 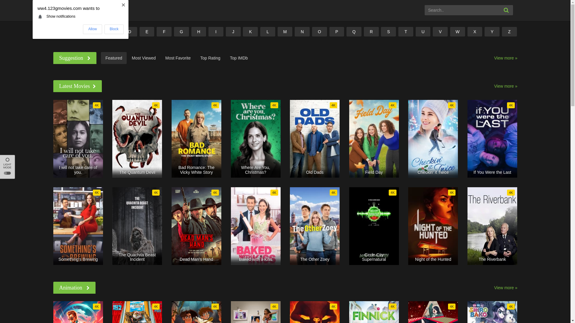 What do you see at coordinates (256, 138) in the screenshot?
I see `'4K` at bounding box center [256, 138].